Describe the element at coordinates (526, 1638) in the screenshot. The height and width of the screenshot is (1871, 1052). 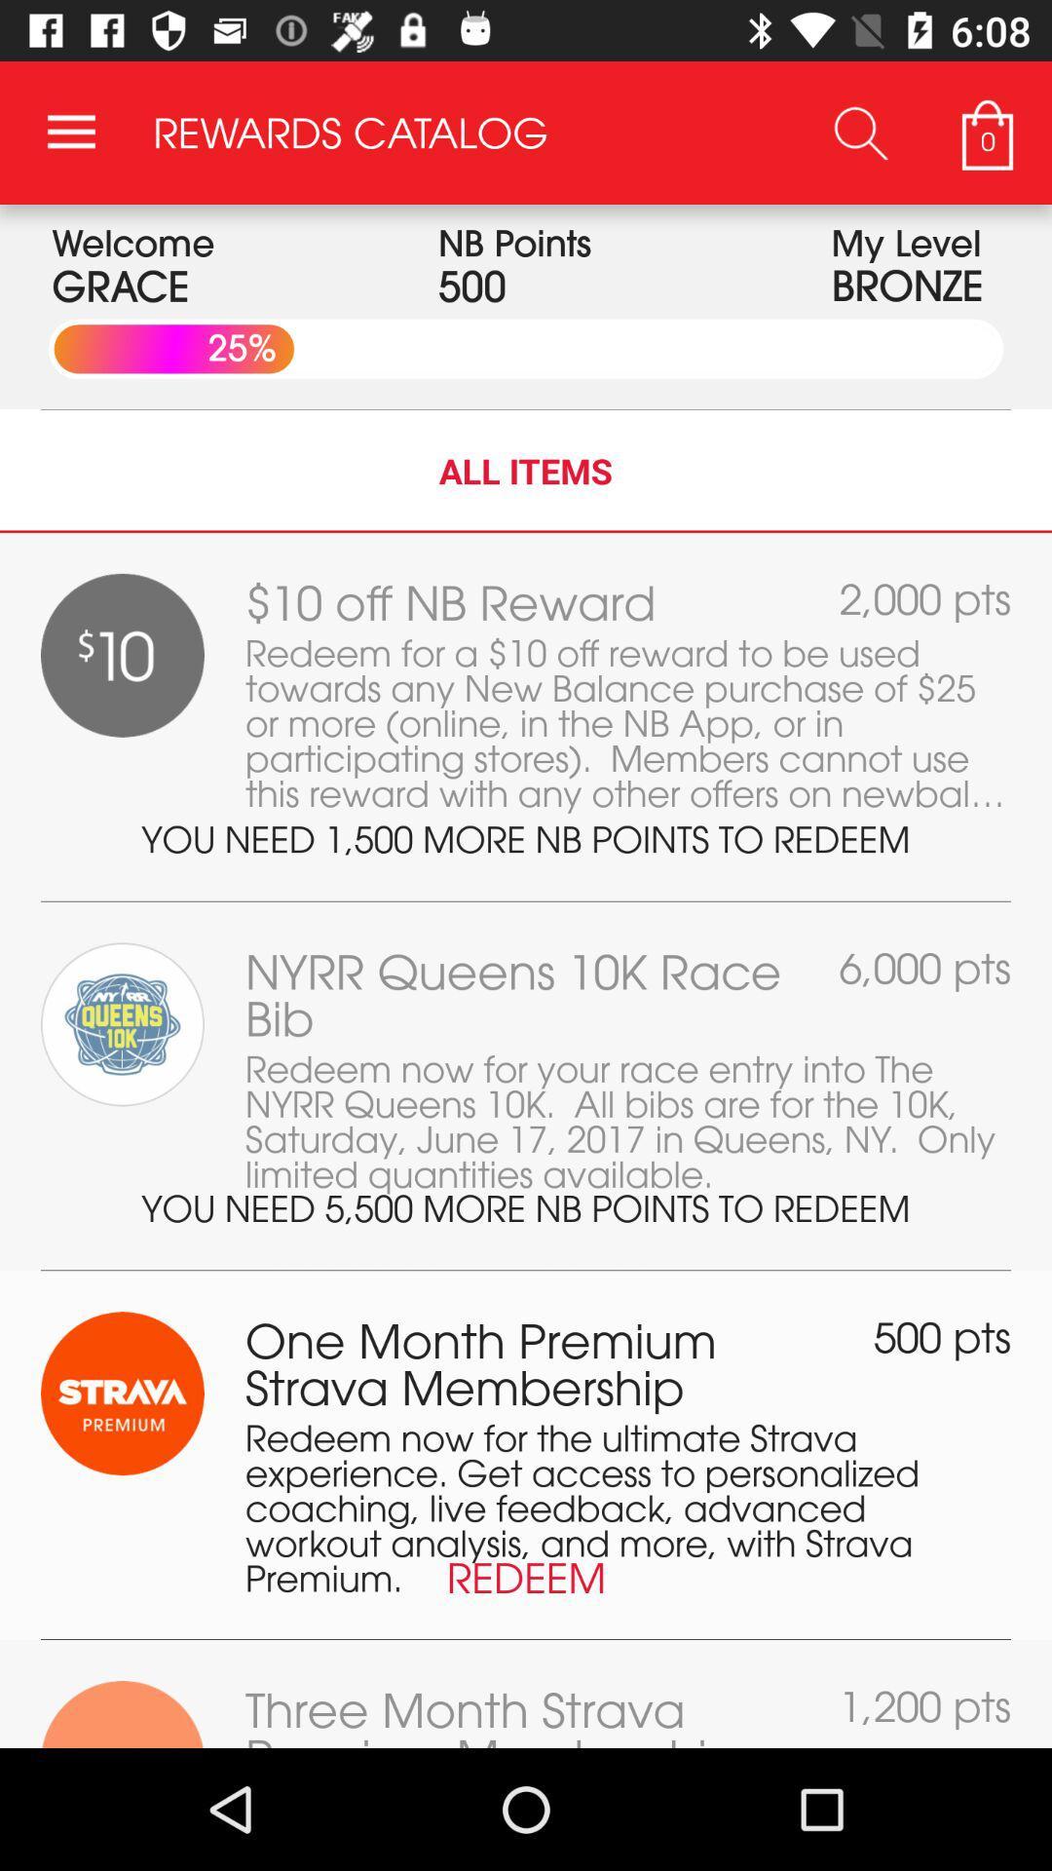
I see `item below redeem icon` at that location.